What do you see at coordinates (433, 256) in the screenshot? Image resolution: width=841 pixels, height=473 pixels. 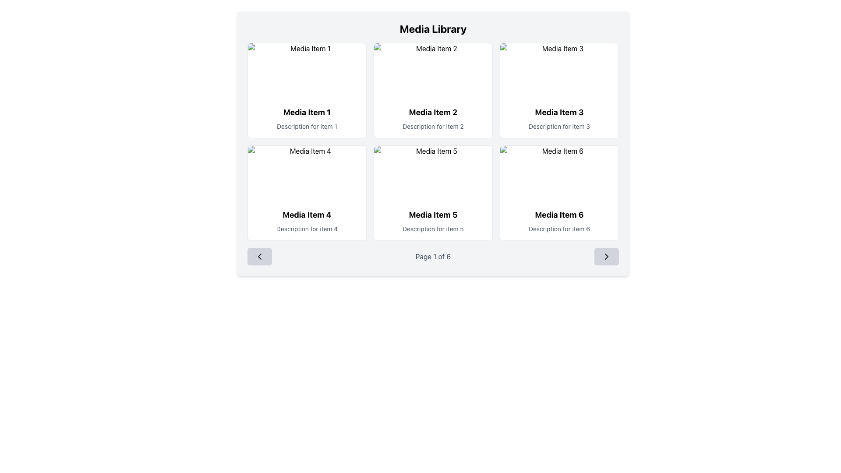 I see `text displayed on the gray textual label showing 'Page 1 of 6', located in the center of the pagination area below the media items grid` at bounding box center [433, 256].